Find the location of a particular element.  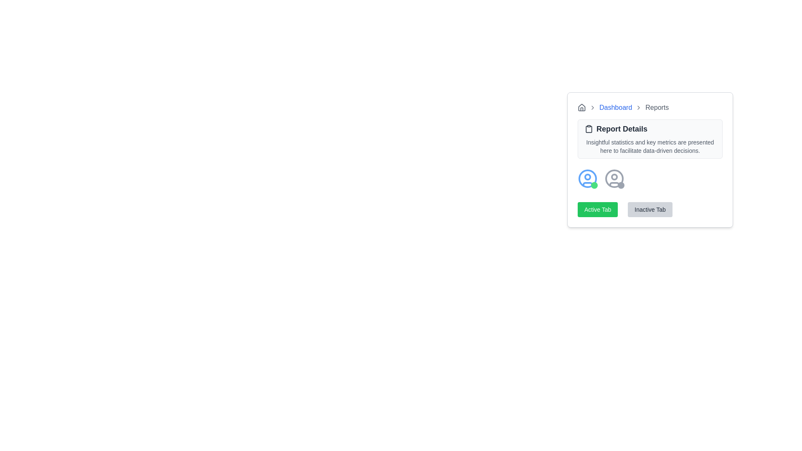

the chevron icon that serves as a visual separator in the breadcrumb navigation, positioned between the house icon ('Home') and the 'Dashboard' text link is located at coordinates (592, 107).